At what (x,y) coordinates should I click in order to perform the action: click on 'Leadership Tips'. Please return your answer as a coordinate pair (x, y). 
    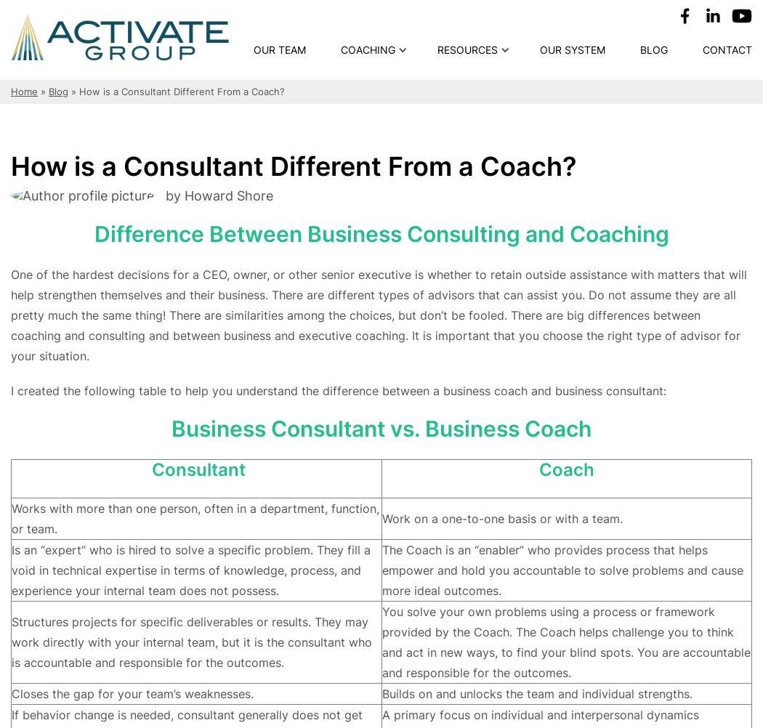
    Looking at the image, I should click on (492, 124).